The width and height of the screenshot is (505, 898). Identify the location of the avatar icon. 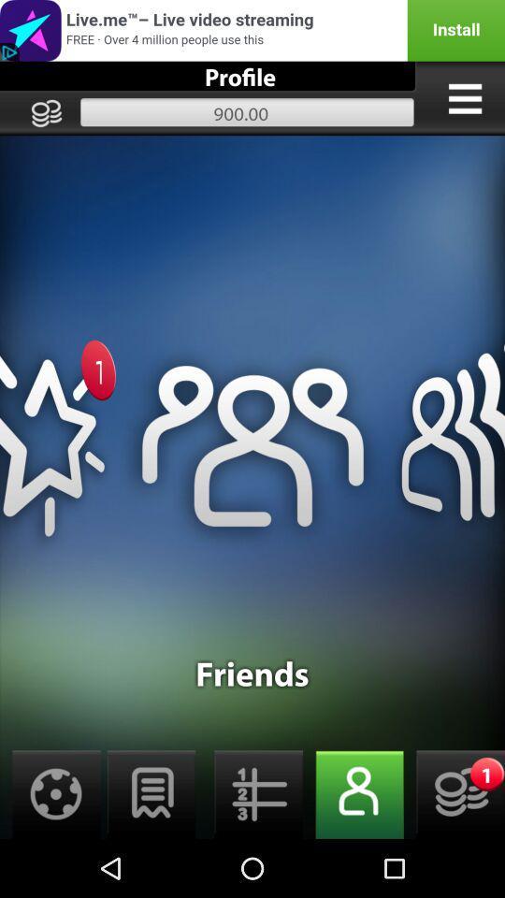
(353, 850).